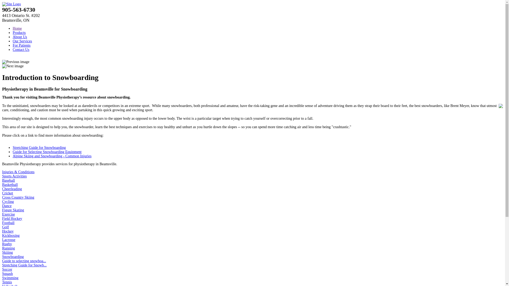 This screenshot has width=509, height=286. I want to click on 'Hockey', so click(8, 231).